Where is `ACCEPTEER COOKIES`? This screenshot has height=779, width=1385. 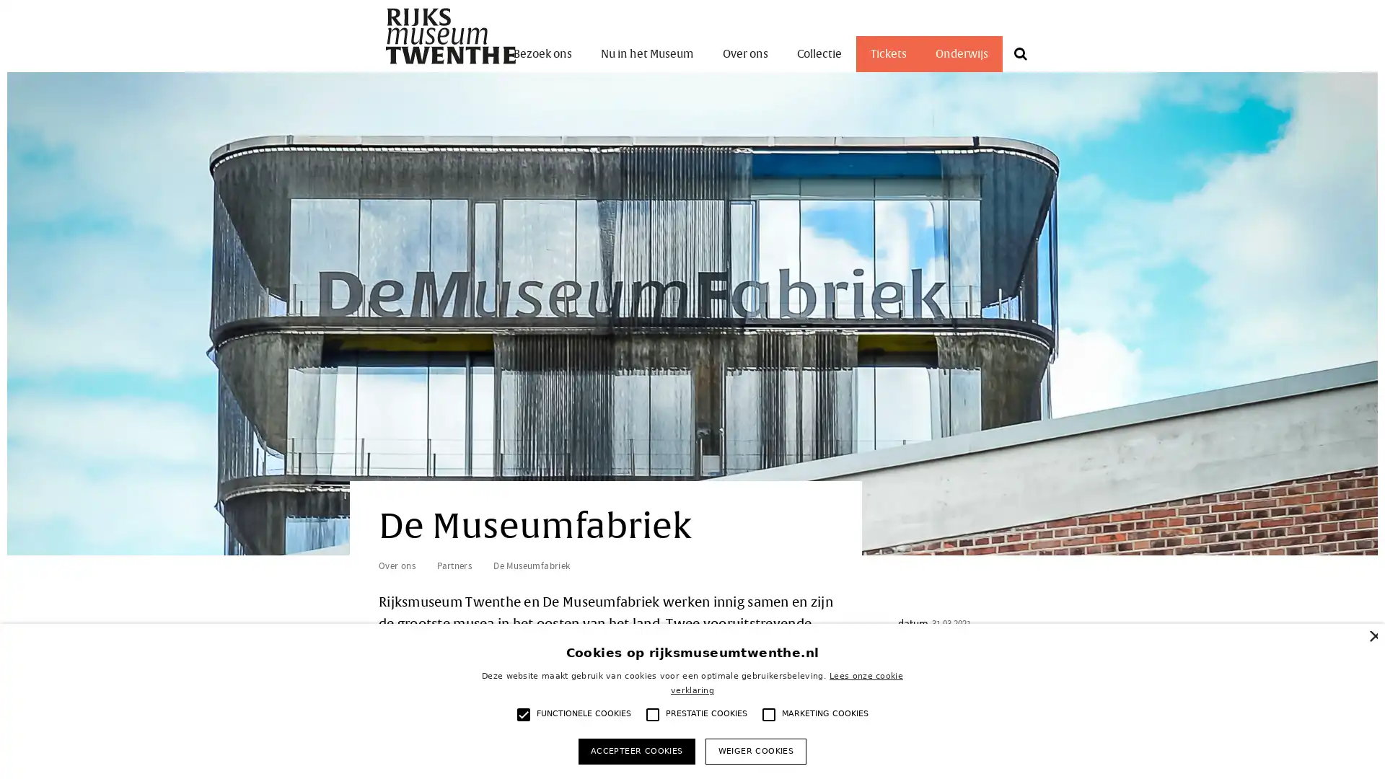 ACCEPTEER COOKIES is located at coordinates (636, 750).